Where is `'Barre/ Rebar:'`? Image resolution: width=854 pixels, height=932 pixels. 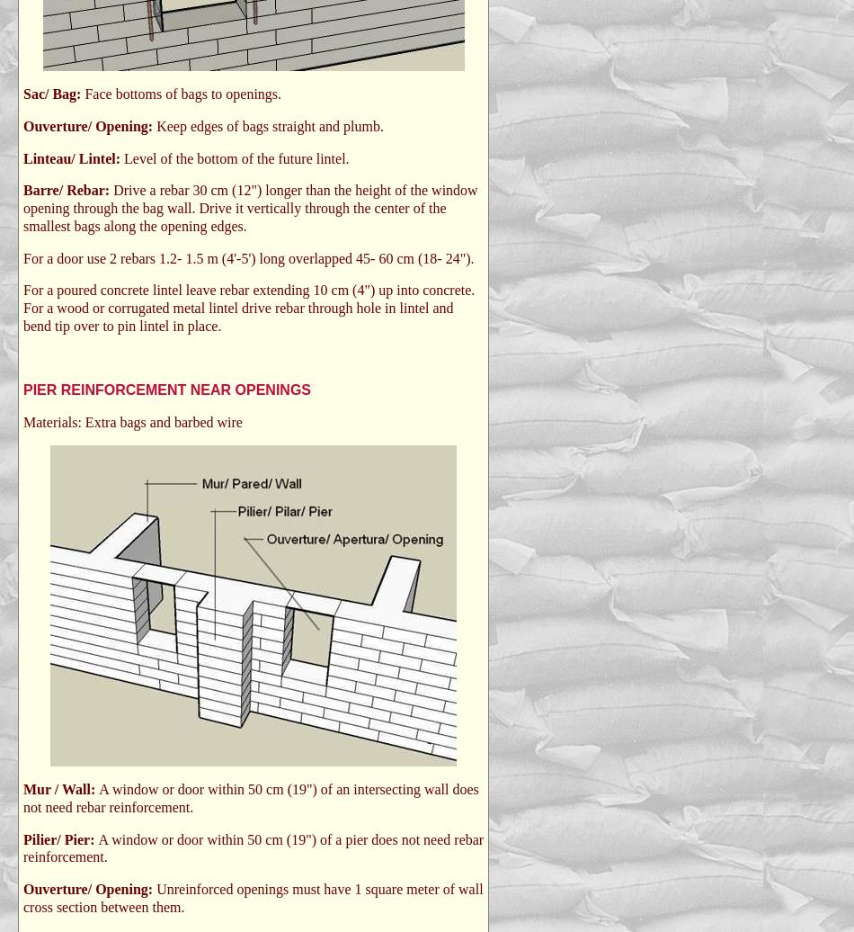 'Barre/ Rebar:' is located at coordinates (68, 190).